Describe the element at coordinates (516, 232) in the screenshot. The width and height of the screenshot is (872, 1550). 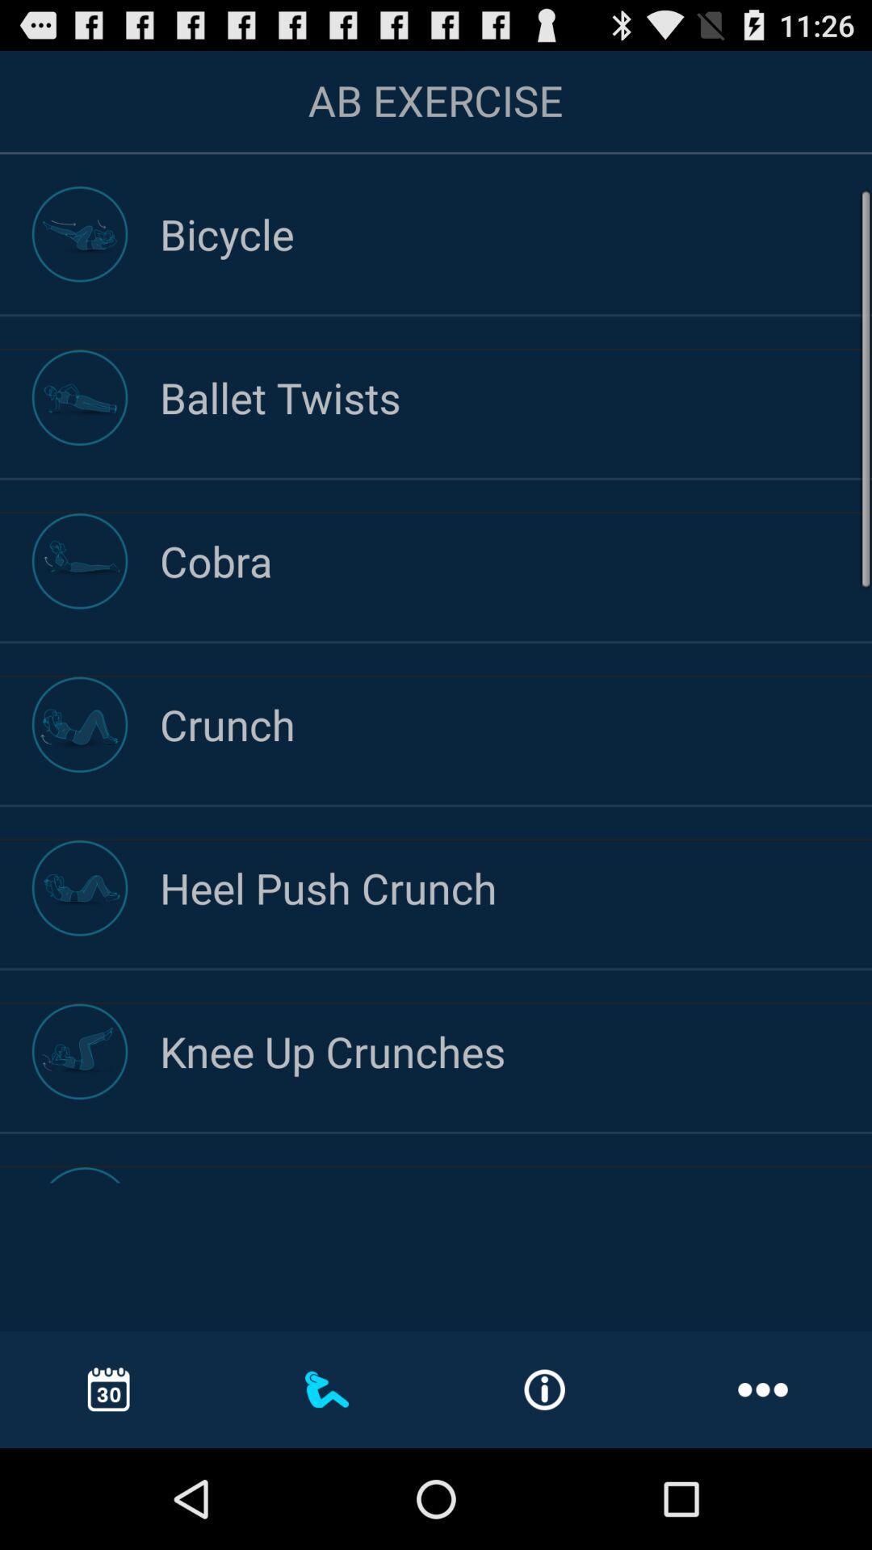
I see `bicycle icon` at that location.